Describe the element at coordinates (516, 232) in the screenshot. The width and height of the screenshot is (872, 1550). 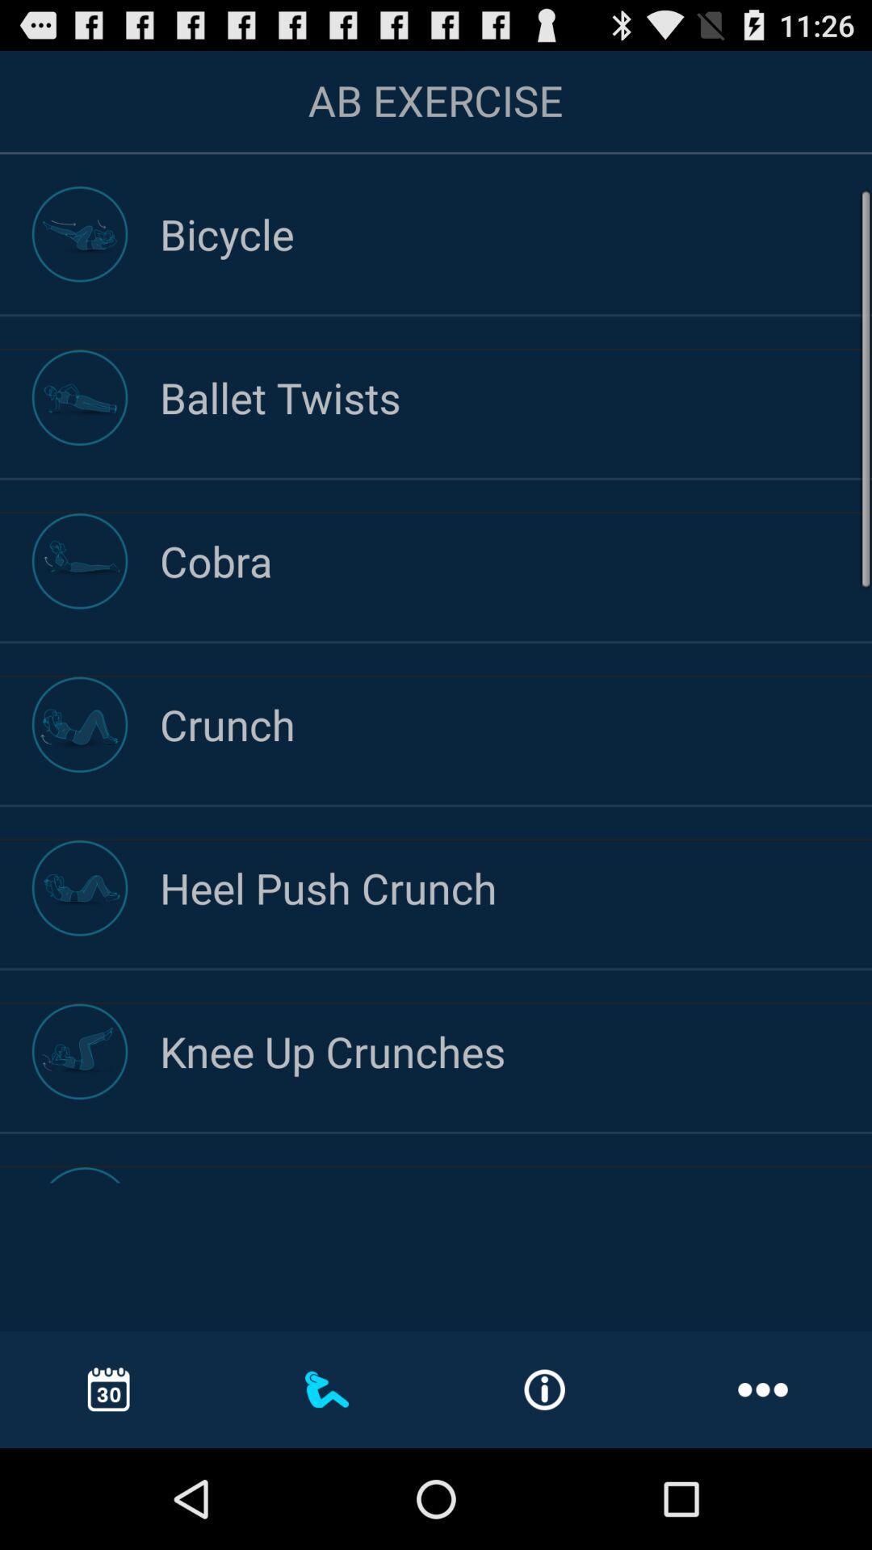
I see `bicycle icon` at that location.